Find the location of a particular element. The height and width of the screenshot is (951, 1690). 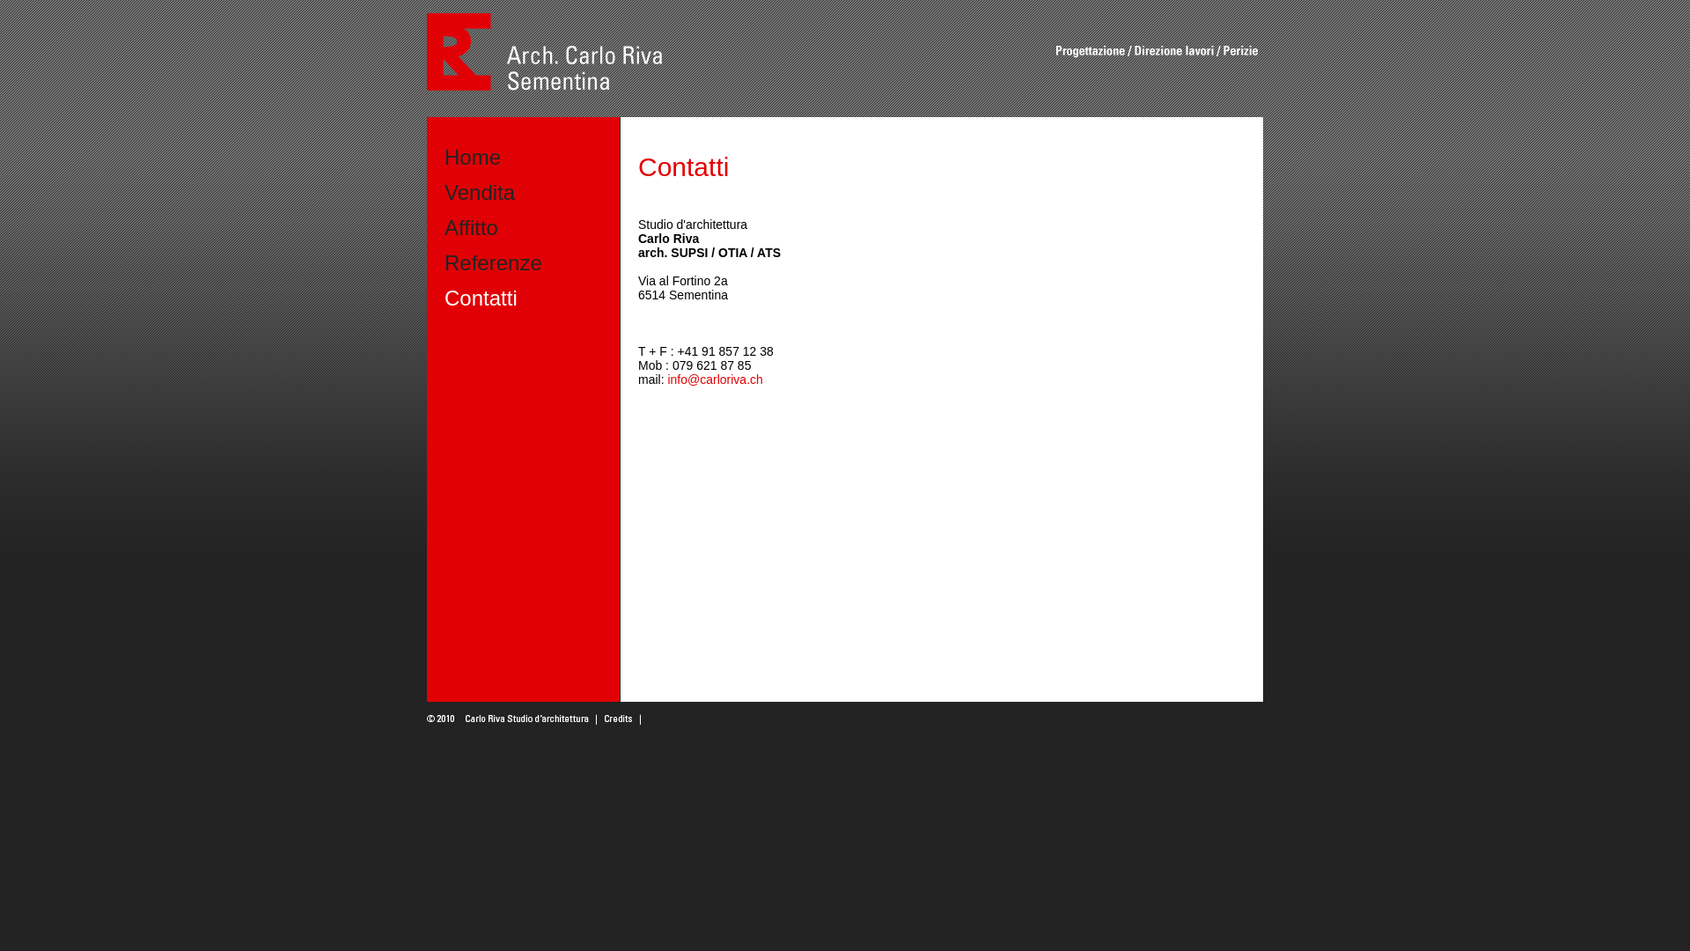

'Affitto' is located at coordinates (471, 226).